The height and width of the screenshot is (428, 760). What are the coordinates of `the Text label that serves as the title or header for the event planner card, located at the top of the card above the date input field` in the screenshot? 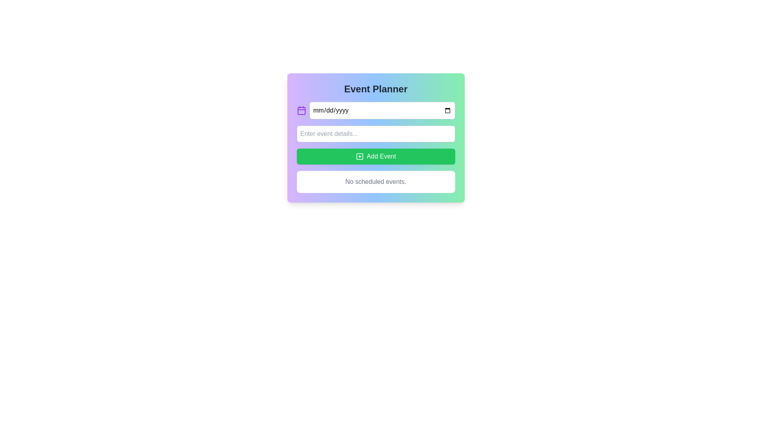 It's located at (375, 89).